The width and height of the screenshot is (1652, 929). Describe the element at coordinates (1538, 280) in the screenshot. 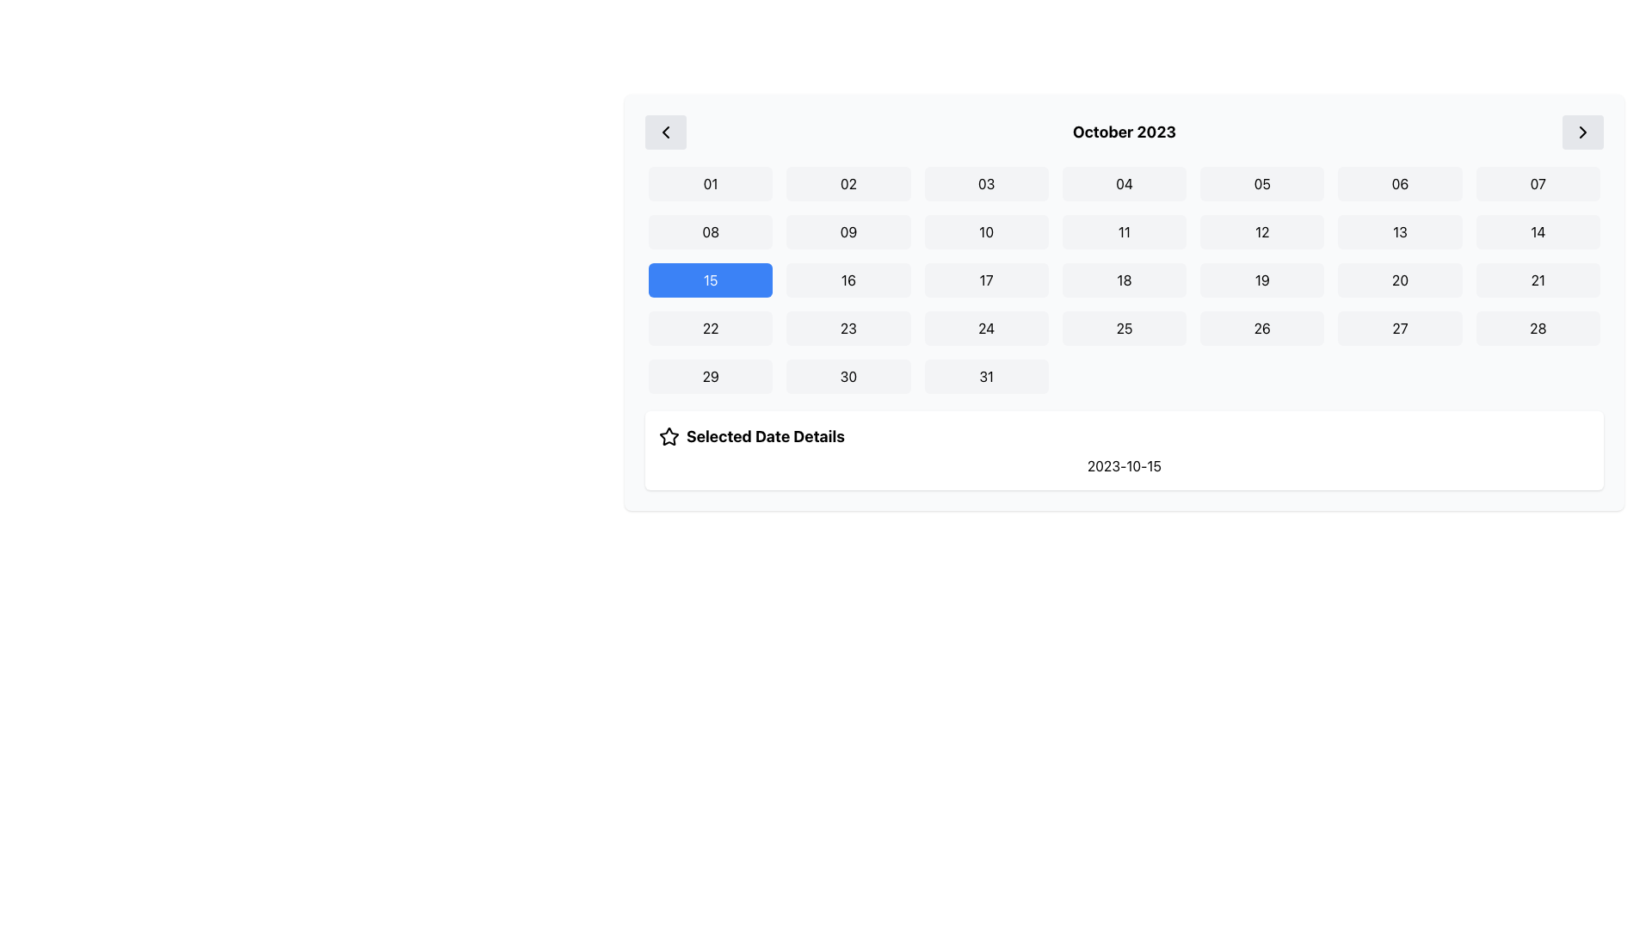

I see `the button displaying the number '21' in the third row, last column of the October 2023 calendar grid` at that location.